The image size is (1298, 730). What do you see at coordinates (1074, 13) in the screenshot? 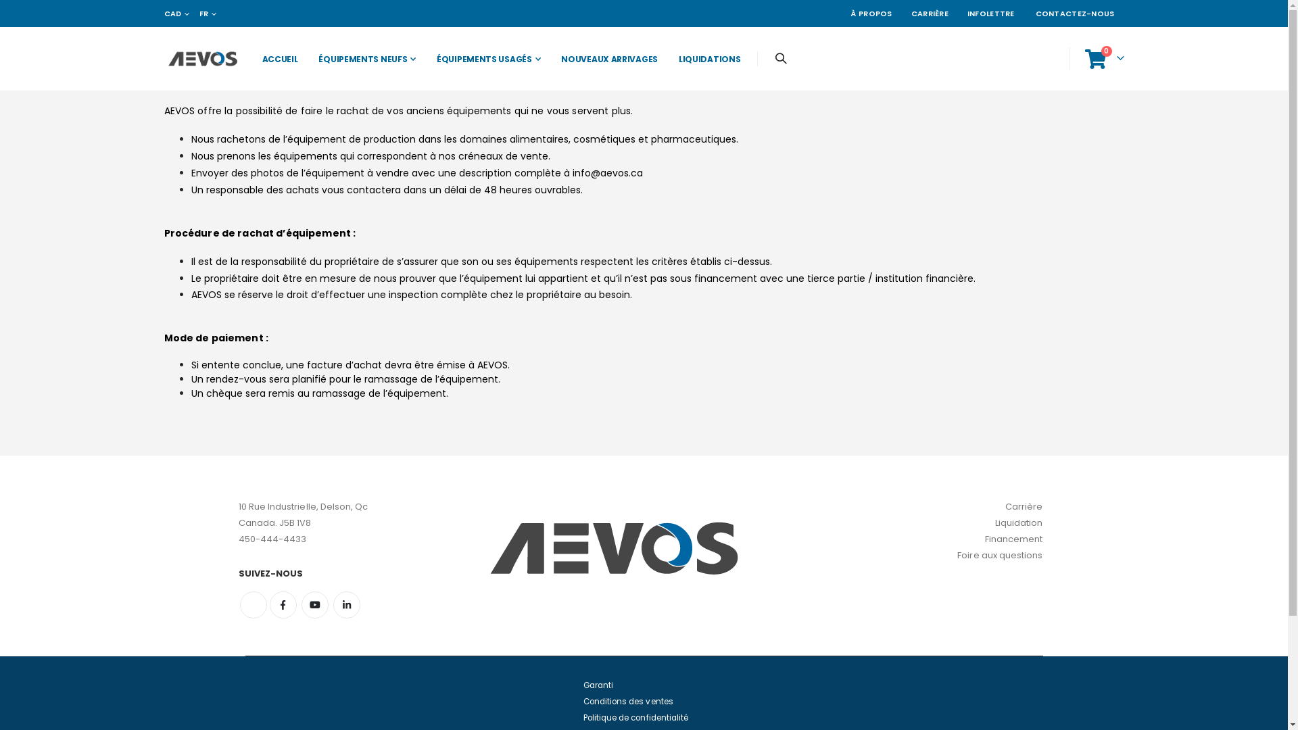
I see `'CONTACTEZ-NOUS'` at bounding box center [1074, 13].